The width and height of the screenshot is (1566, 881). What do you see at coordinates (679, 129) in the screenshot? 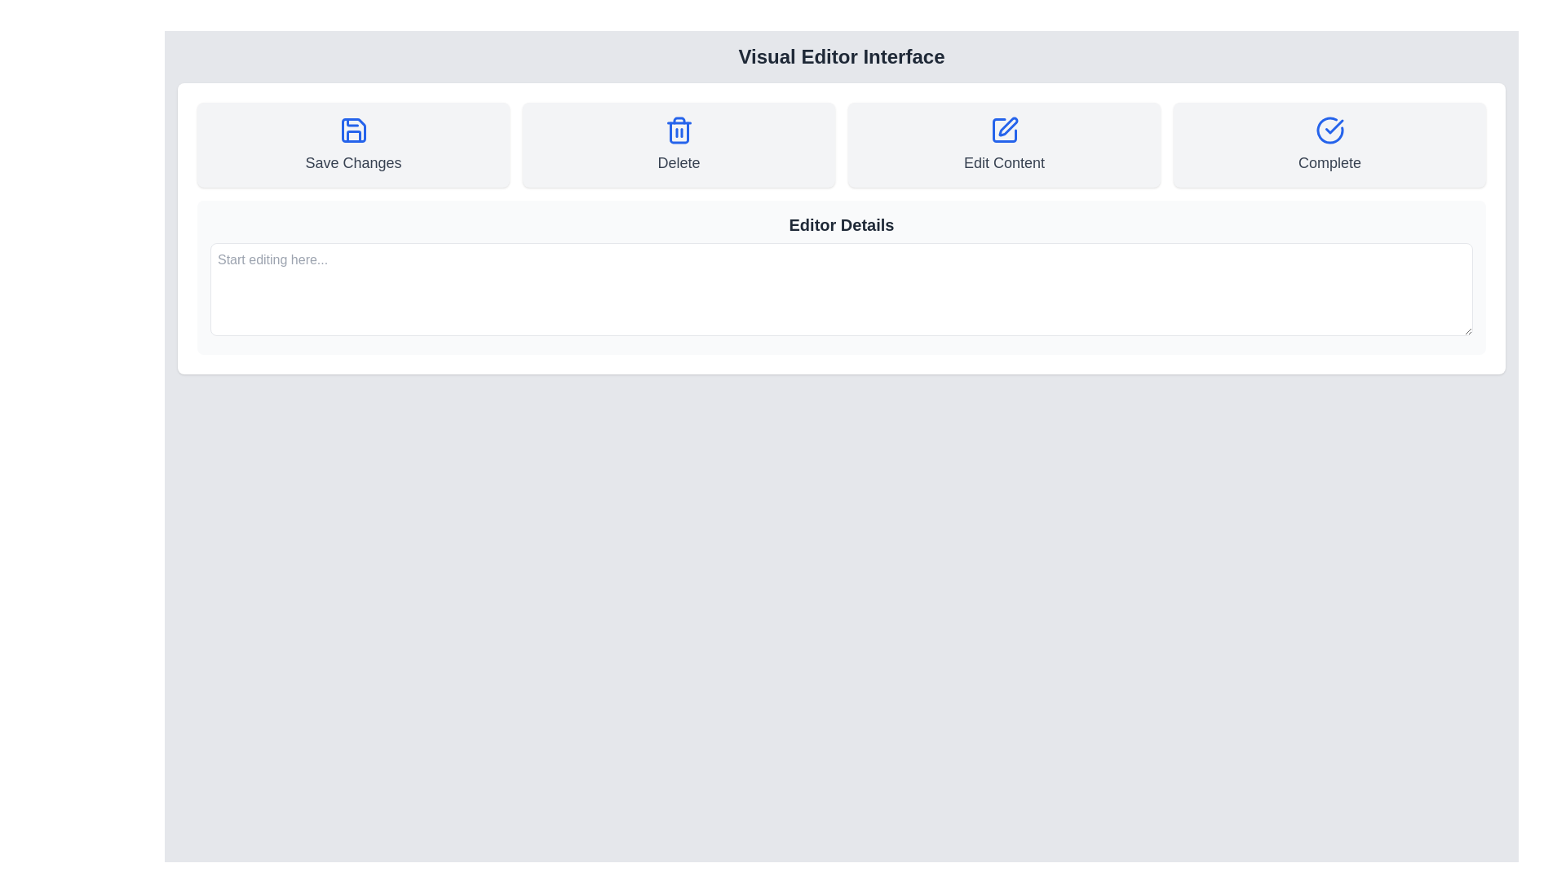
I see `the blue trash can icon representing the delete action located at the center of the 'Delete' button in the toolbar/menu section` at bounding box center [679, 129].